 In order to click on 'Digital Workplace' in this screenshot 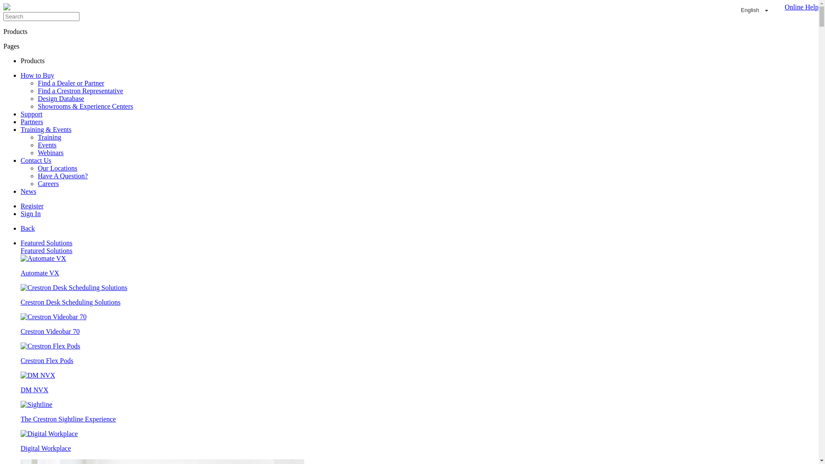, I will do `click(21, 441)`.